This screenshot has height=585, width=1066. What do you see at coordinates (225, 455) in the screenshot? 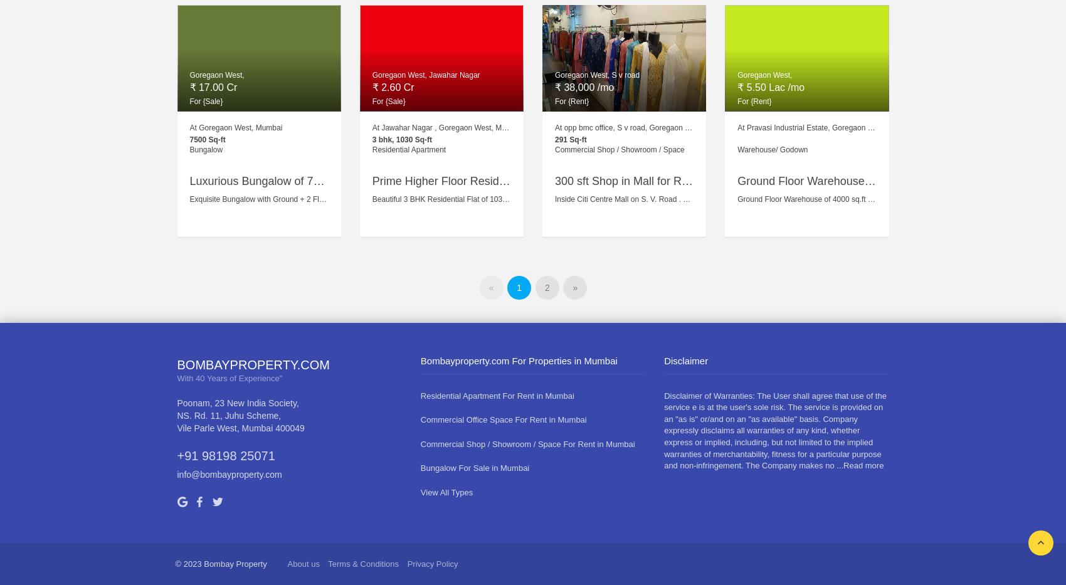
I see `'+91 98198 25071'` at bounding box center [225, 455].